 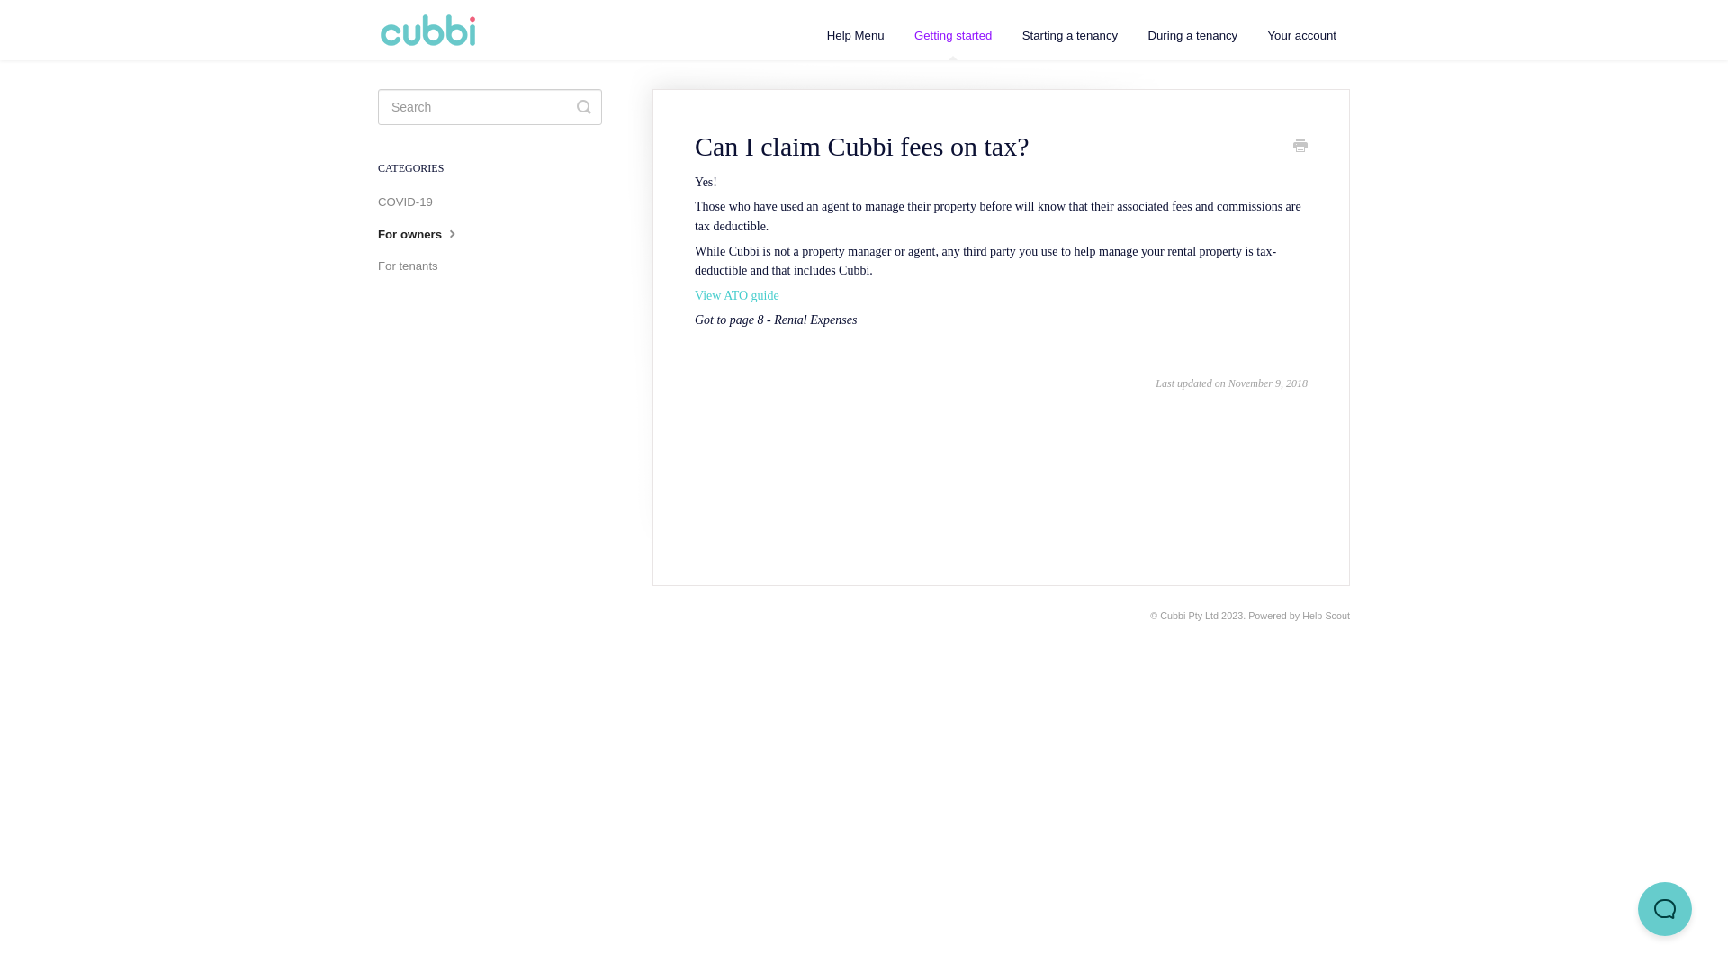 What do you see at coordinates (1300, 147) in the screenshot?
I see `'Print'` at bounding box center [1300, 147].